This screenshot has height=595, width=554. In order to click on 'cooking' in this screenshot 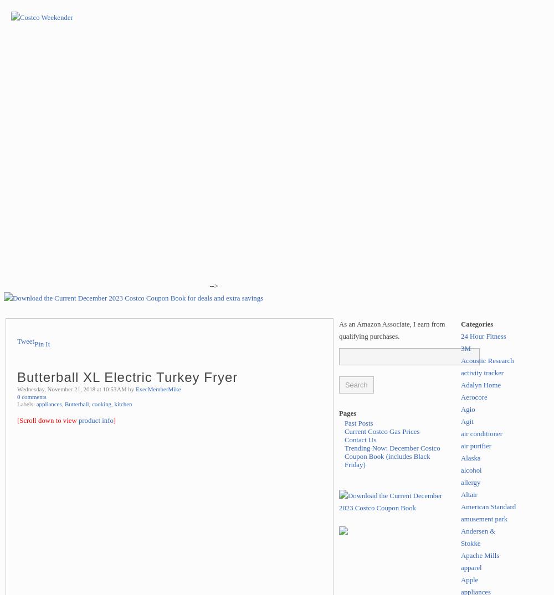, I will do `click(92, 403)`.